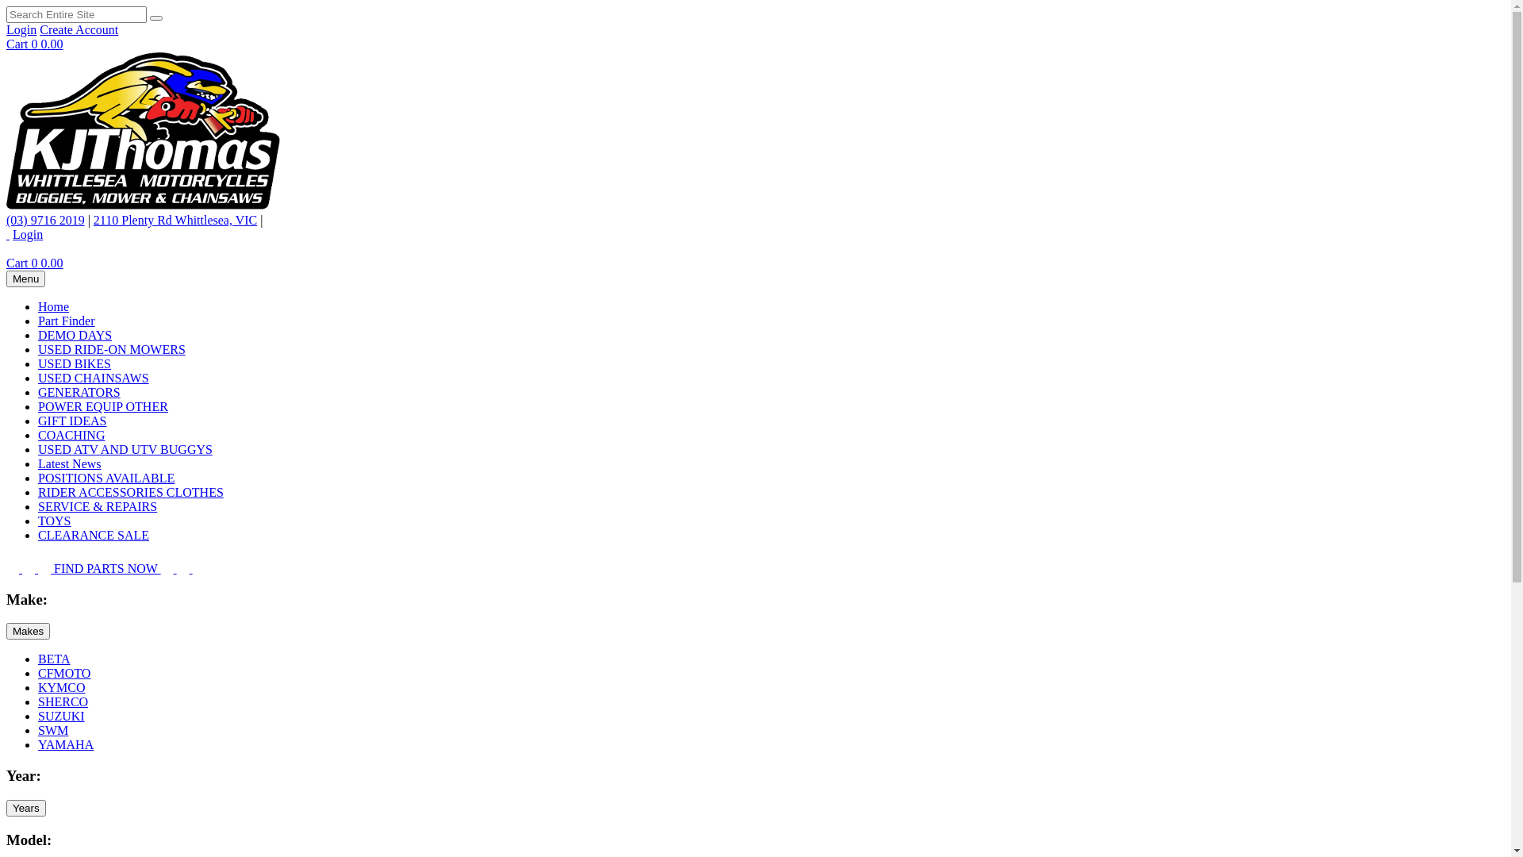  Describe the element at coordinates (97, 506) in the screenshot. I see `'SERVICE & REPAIRS'` at that location.